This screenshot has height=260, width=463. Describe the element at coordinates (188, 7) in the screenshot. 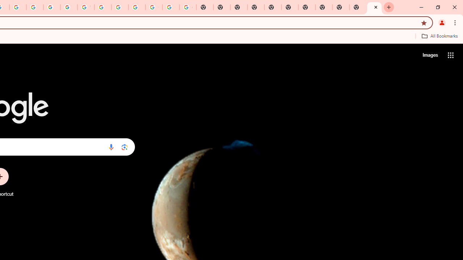

I see `'Google Images'` at that location.